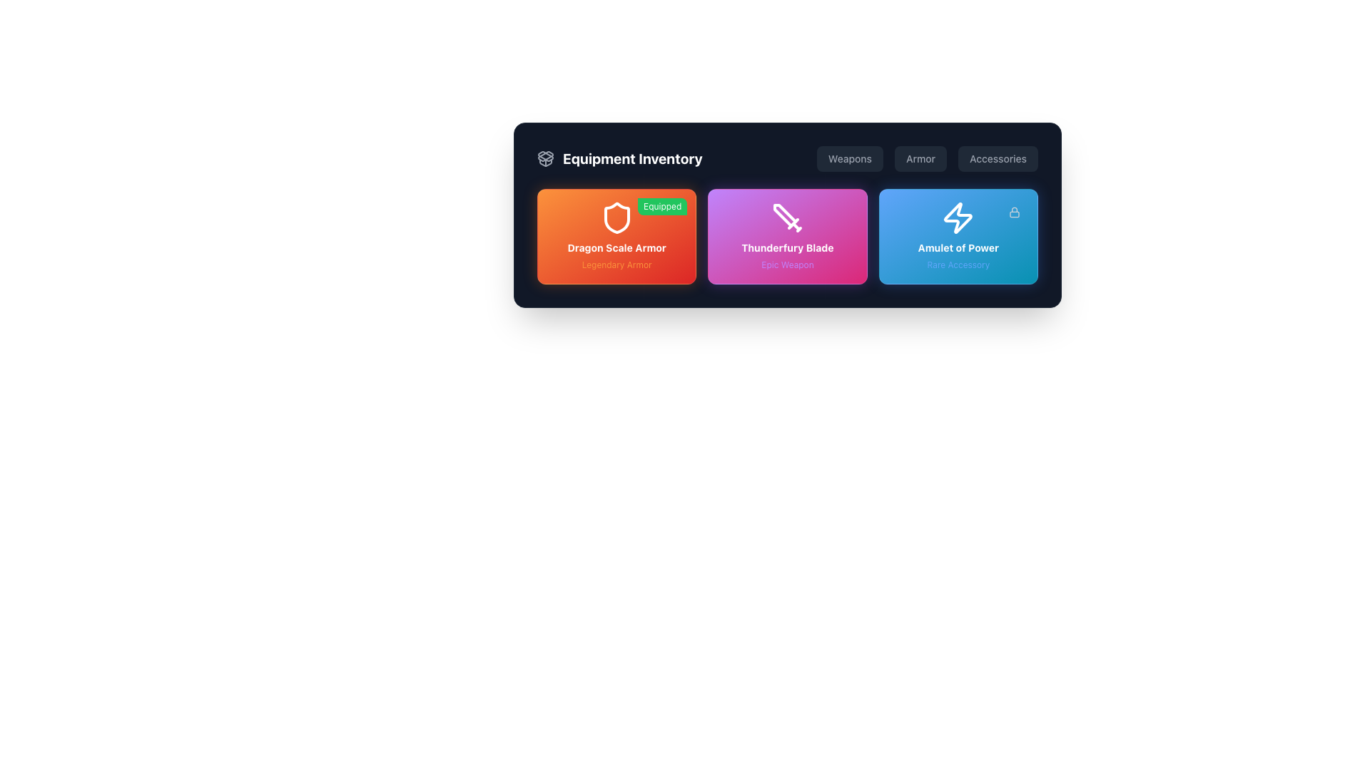 The height and width of the screenshot is (770, 1370). I want to click on the text element displaying 'Amulet of Power' and 'Rare Accessory' in the Equipment Inventory panel to read its details, so click(958, 255).